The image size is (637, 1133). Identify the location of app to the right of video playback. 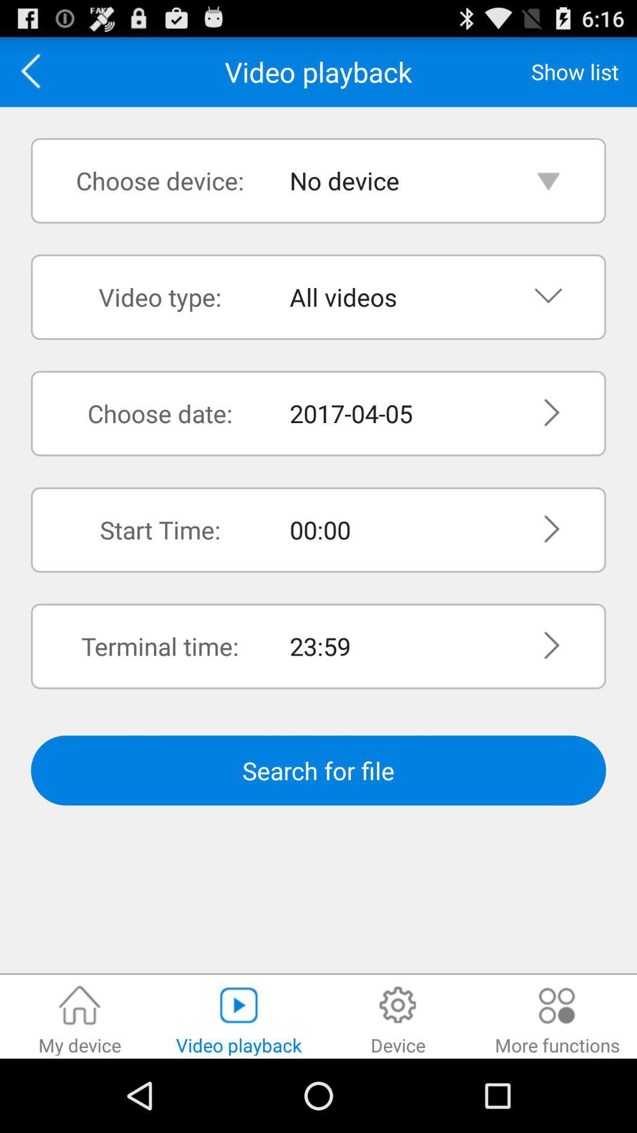
(574, 71).